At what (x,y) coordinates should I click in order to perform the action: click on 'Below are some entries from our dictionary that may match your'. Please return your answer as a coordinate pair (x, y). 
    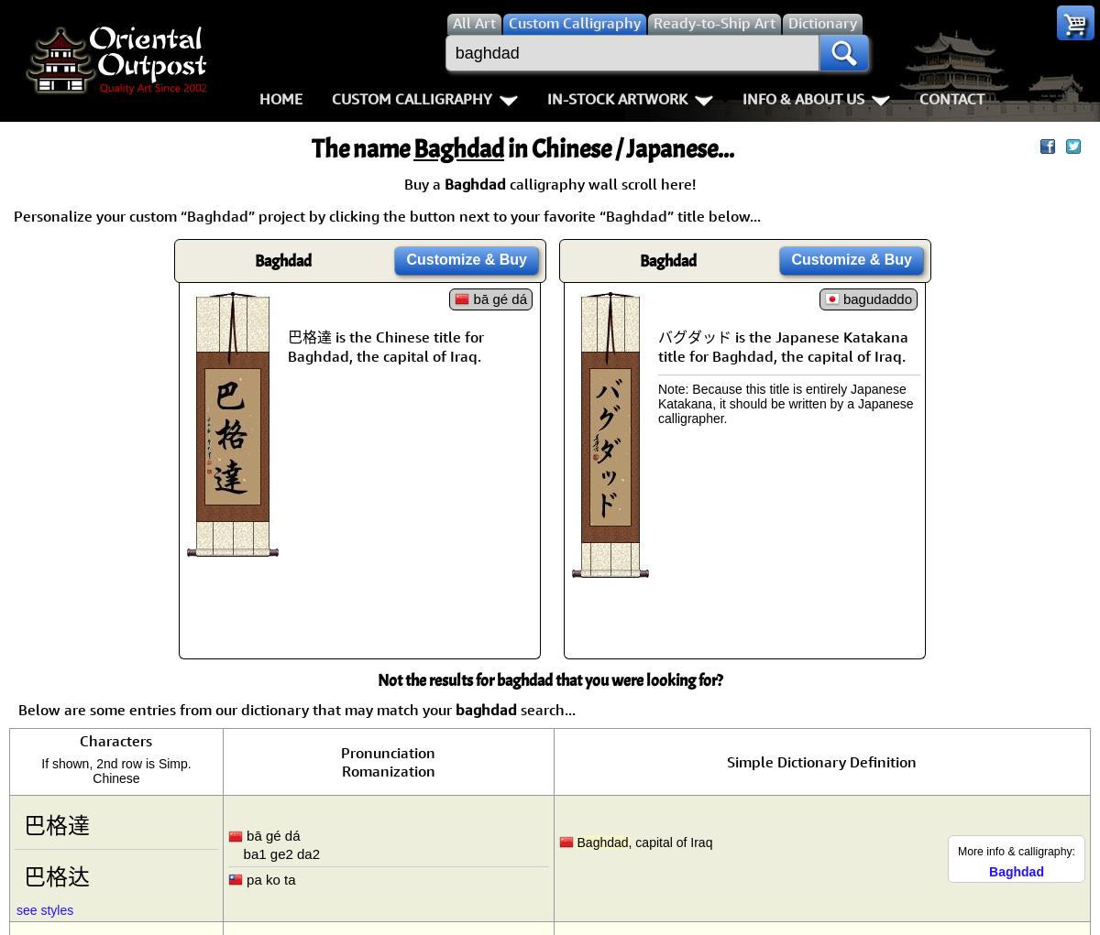
    Looking at the image, I should click on (236, 710).